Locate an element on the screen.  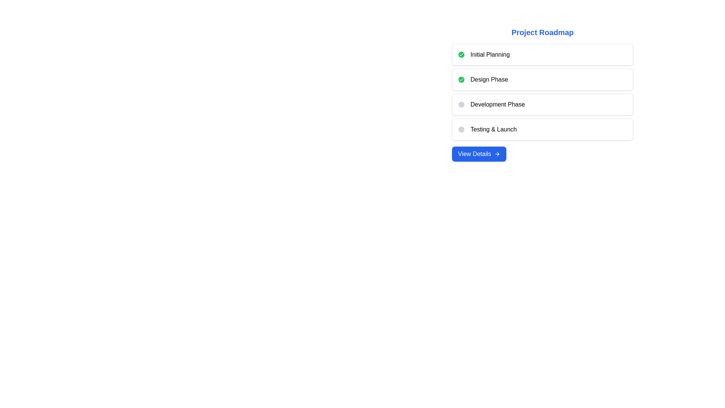
the 'Design Phase' text label that indicates the completion of the second stage of the project roadmap, located to the right of a green circular icon with a checkmark is located at coordinates (489, 80).